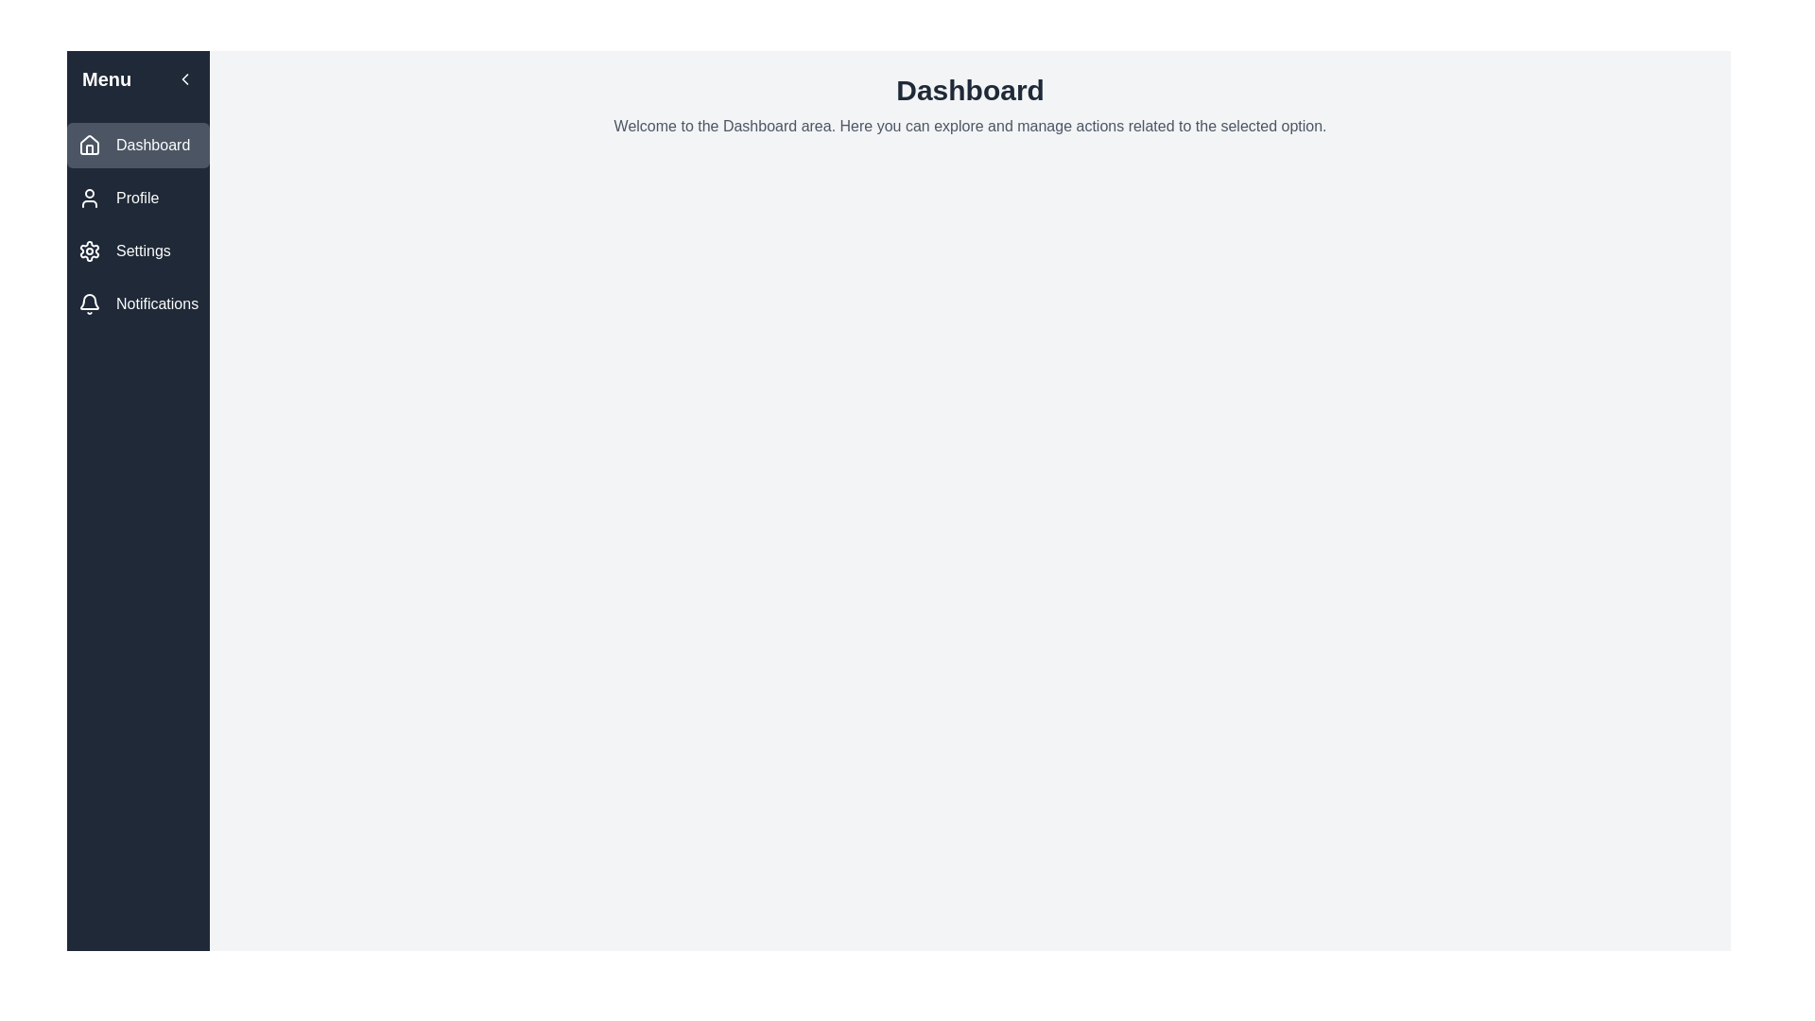 Image resolution: width=1815 pixels, height=1021 pixels. I want to click on the 'Notifications' label in the vertical navigation menu, which is positioned to the right of a bell icon and has a medium-weight font on a dark background, so click(157, 303).